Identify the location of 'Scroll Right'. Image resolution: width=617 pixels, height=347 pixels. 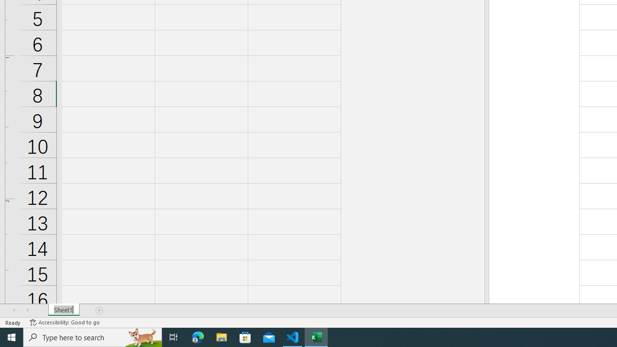
(27, 310).